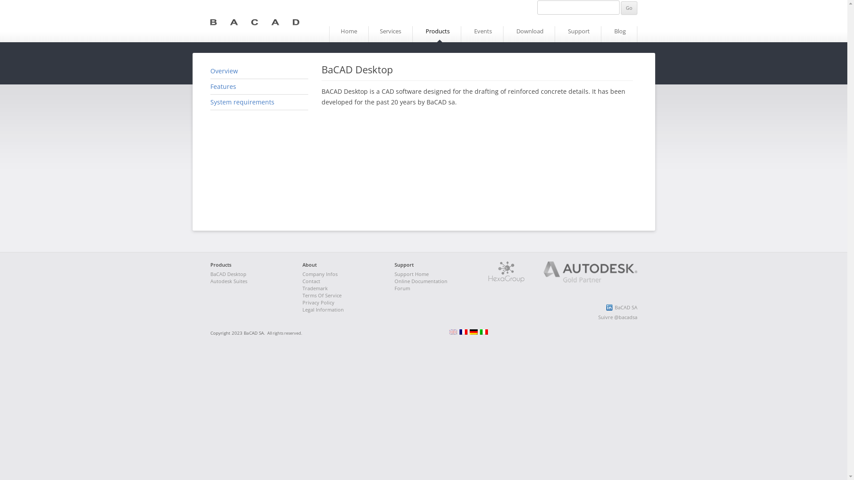  What do you see at coordinates (322, 309) in the screenshot?
I see `'Legal Information'` at bounding box center [322, 309].